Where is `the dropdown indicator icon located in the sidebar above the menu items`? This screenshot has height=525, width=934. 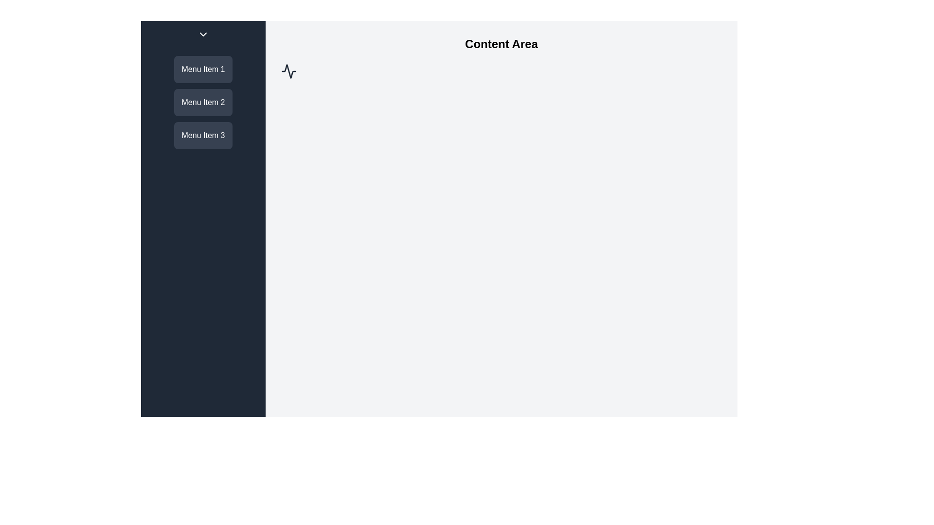 the dropdown indicator icon located in the sidebar above the menu items is located at coordinates (202, 34).